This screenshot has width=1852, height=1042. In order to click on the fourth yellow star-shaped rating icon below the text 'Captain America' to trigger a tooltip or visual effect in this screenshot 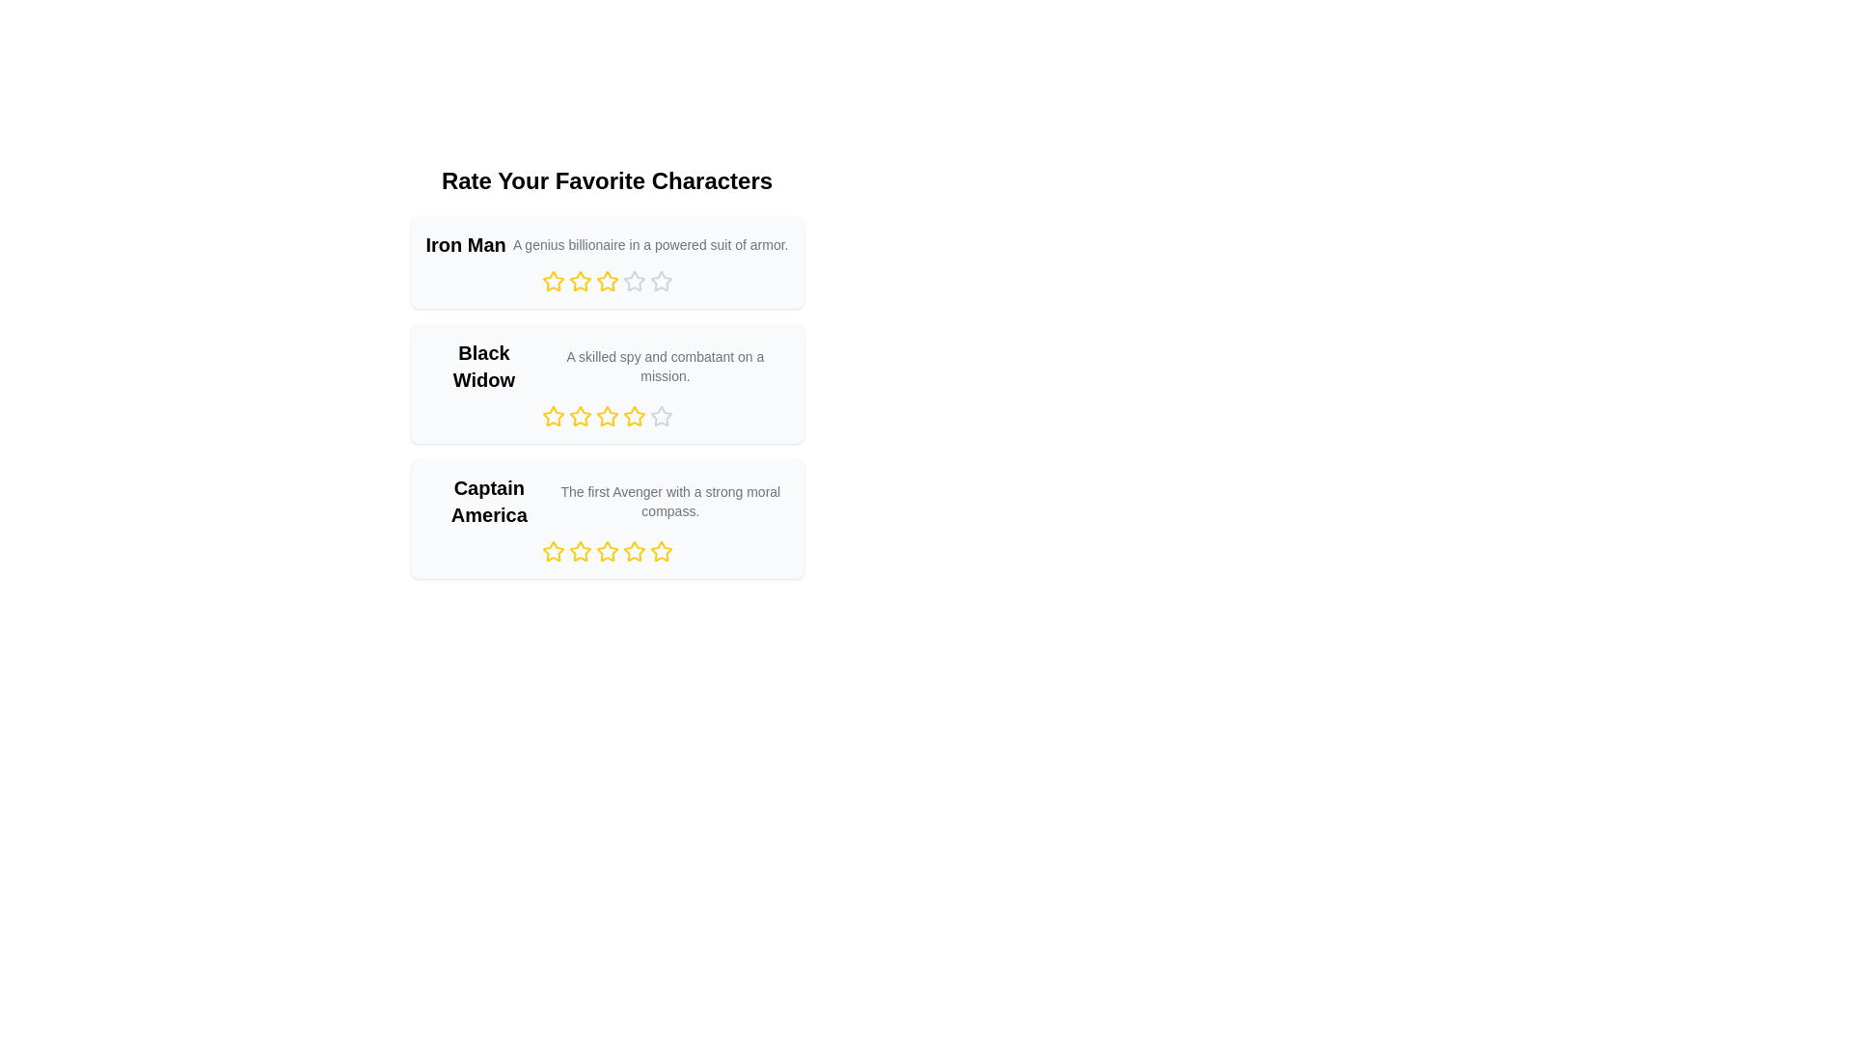, I will do `click(661, 551)`.